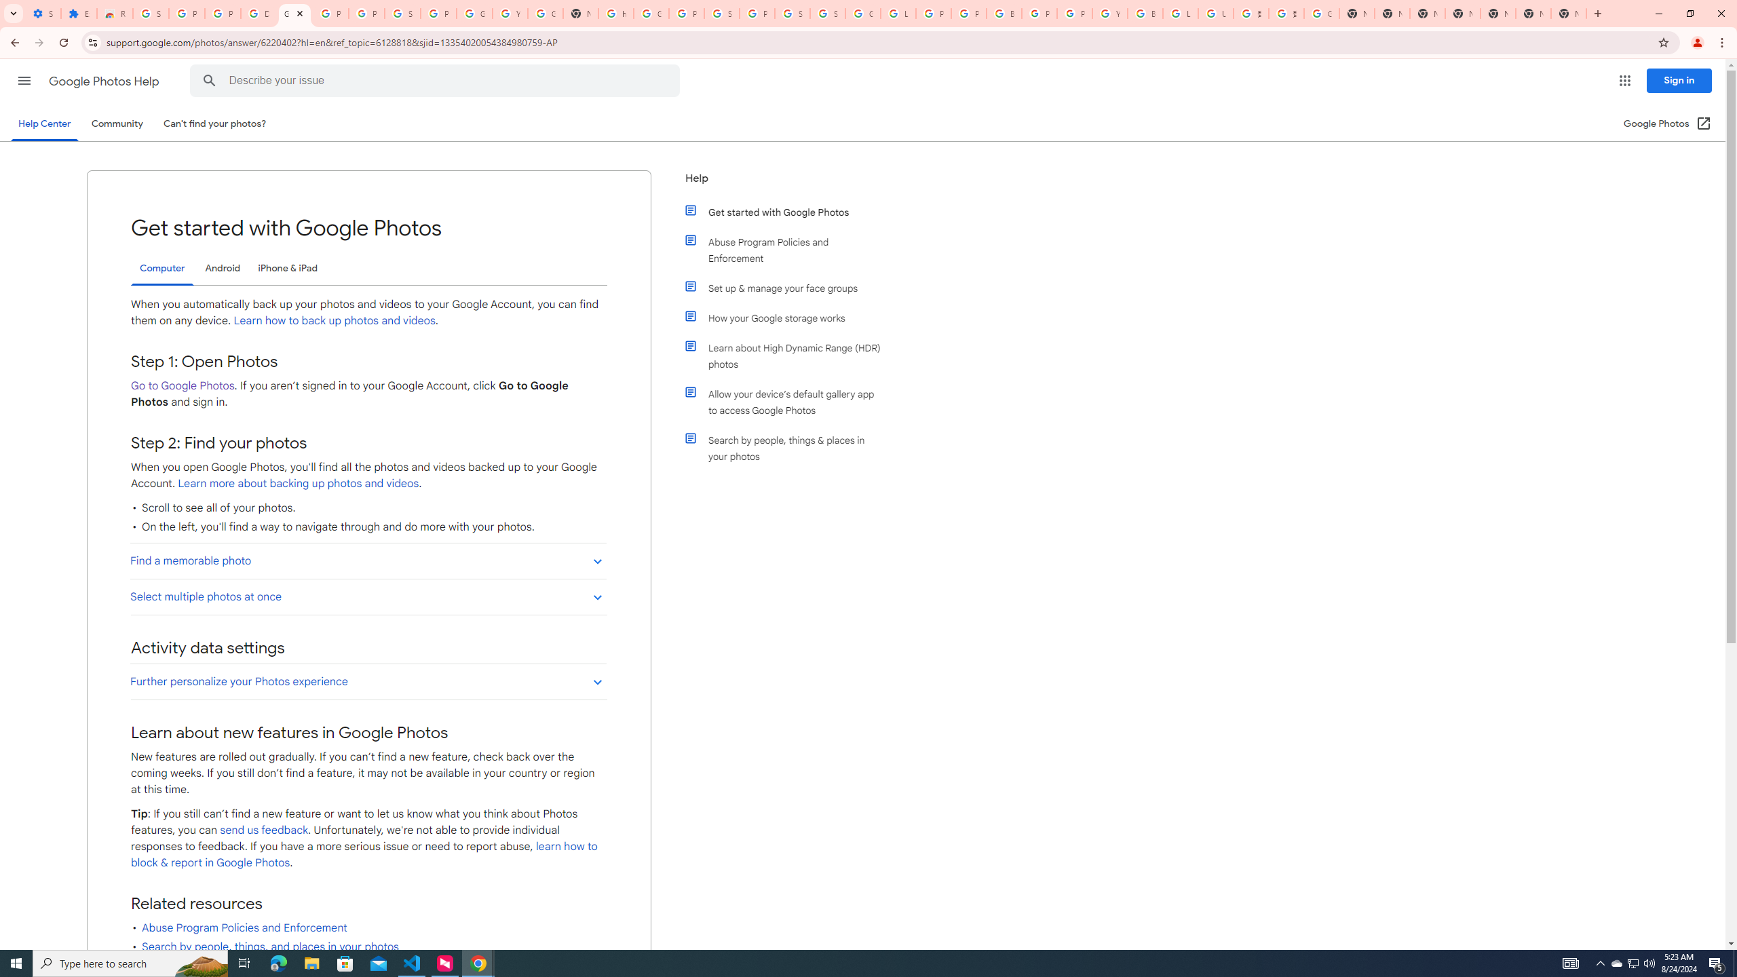  What do you see at coordinates (23, 80) in the screenshot?
I see `'Main menu'` at bounding box center [23, 80].